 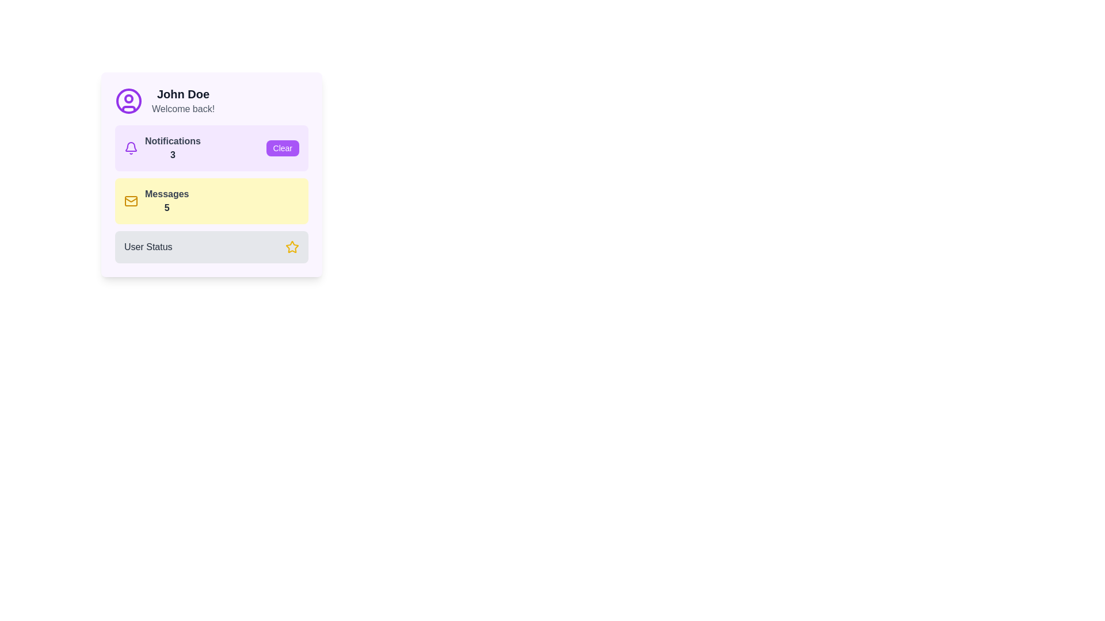 What do you see at coordinates (182, 109) in the screenshot?
I see `the text label displaying 'Welcome back!' located beneath 'John Doe' in the user profile section` at bounding box center [182, 109].